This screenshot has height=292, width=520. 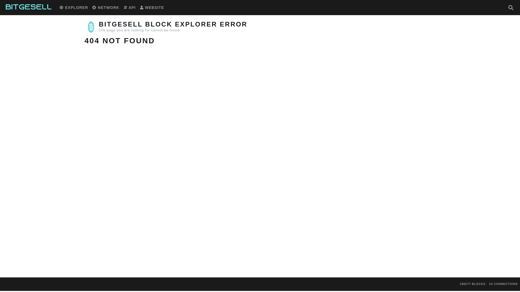 What do you see at coordinates (129, 8) in the screenshot?
I see `'API'` at bounding box center [129, 8].